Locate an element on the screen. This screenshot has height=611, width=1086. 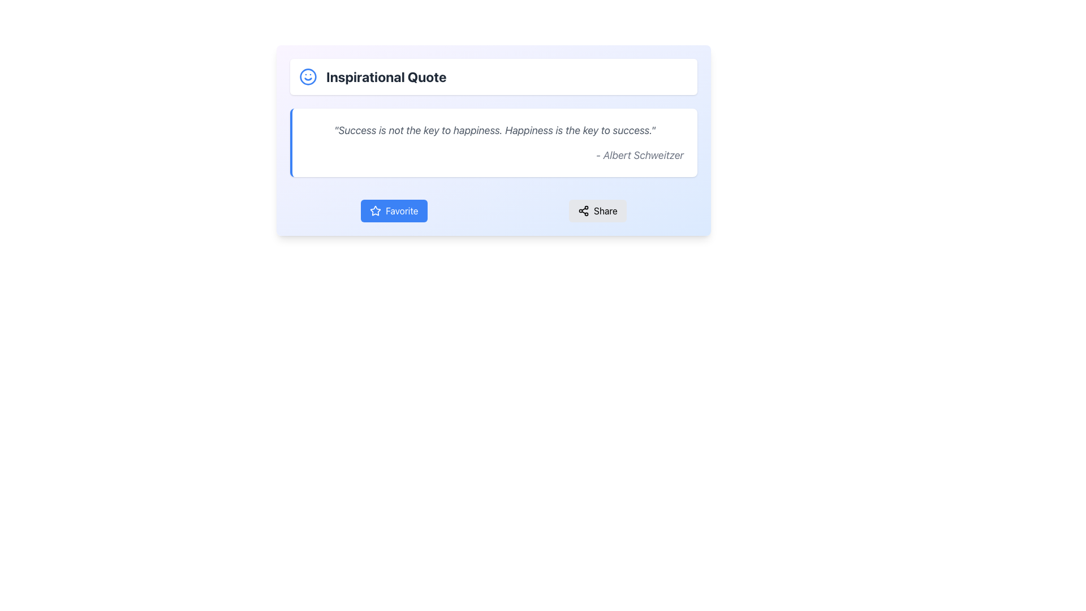
the star icon located on the left side of the 'Favorite' button to mark the associated content as a favorite is located at coordinates (376, 211).